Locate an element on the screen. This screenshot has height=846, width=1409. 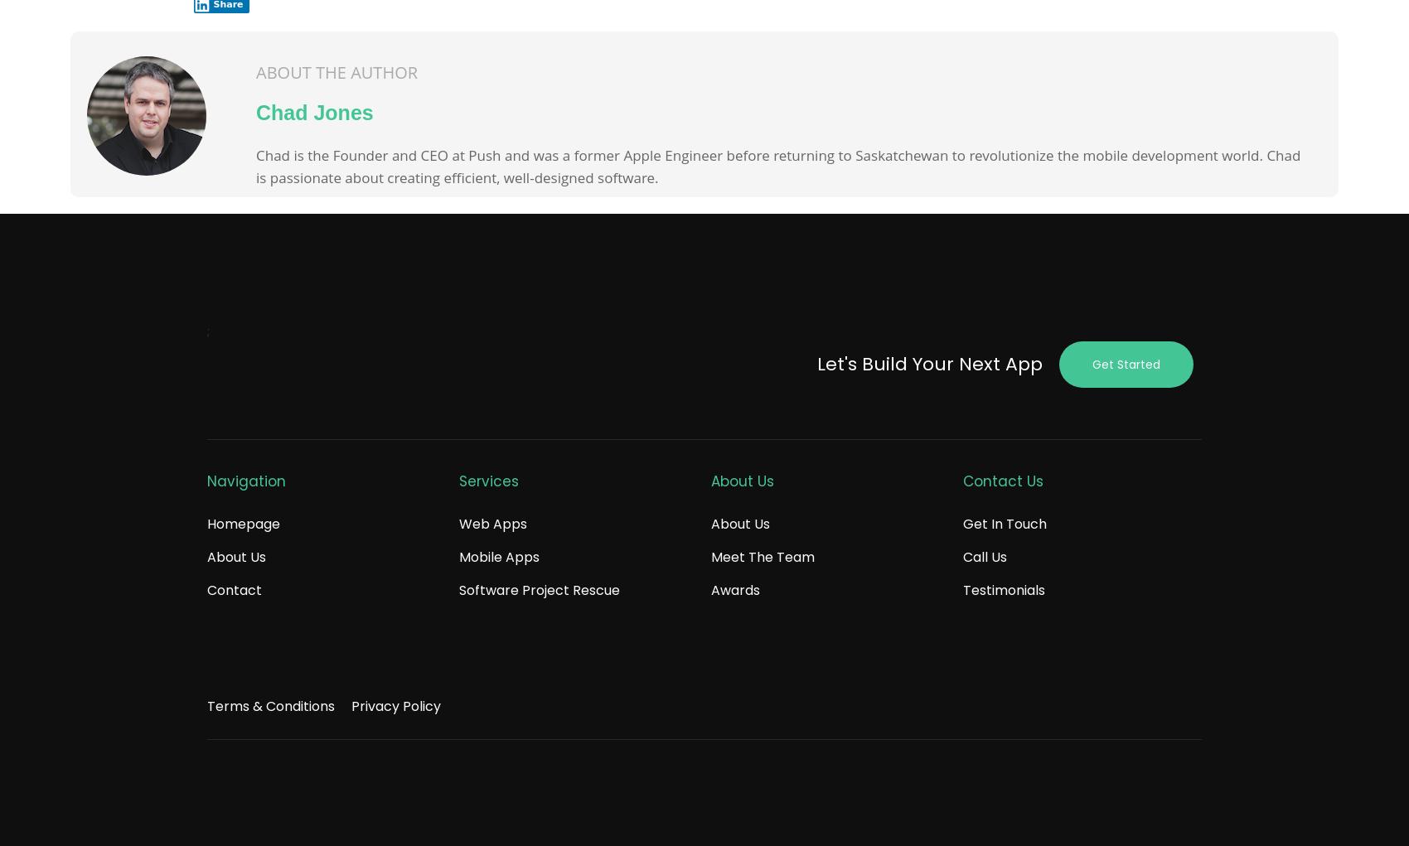
'Chad is the Founder and CEO at Push and was a former Apple Engineer before returning to Saskatchewan to revolutionize the mobile development world. Chad is passionate about creating efficient, well-designed software.' is located at coordinates (778, 166).